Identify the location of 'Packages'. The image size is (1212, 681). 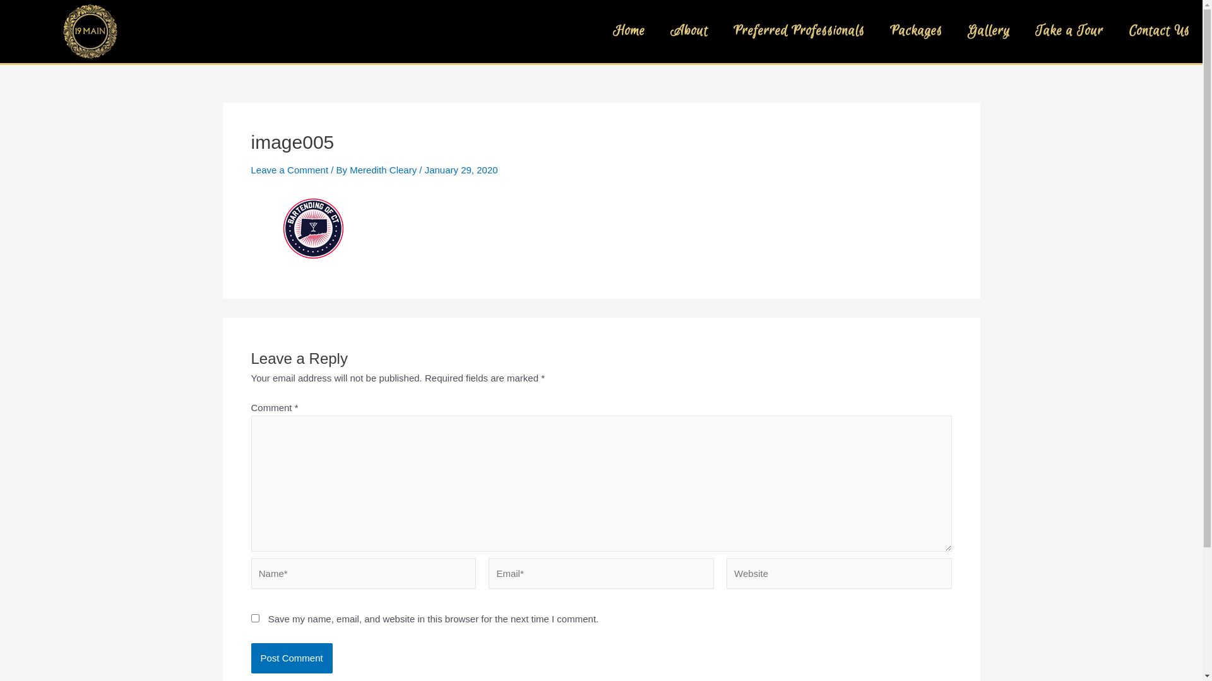
(916, 31).